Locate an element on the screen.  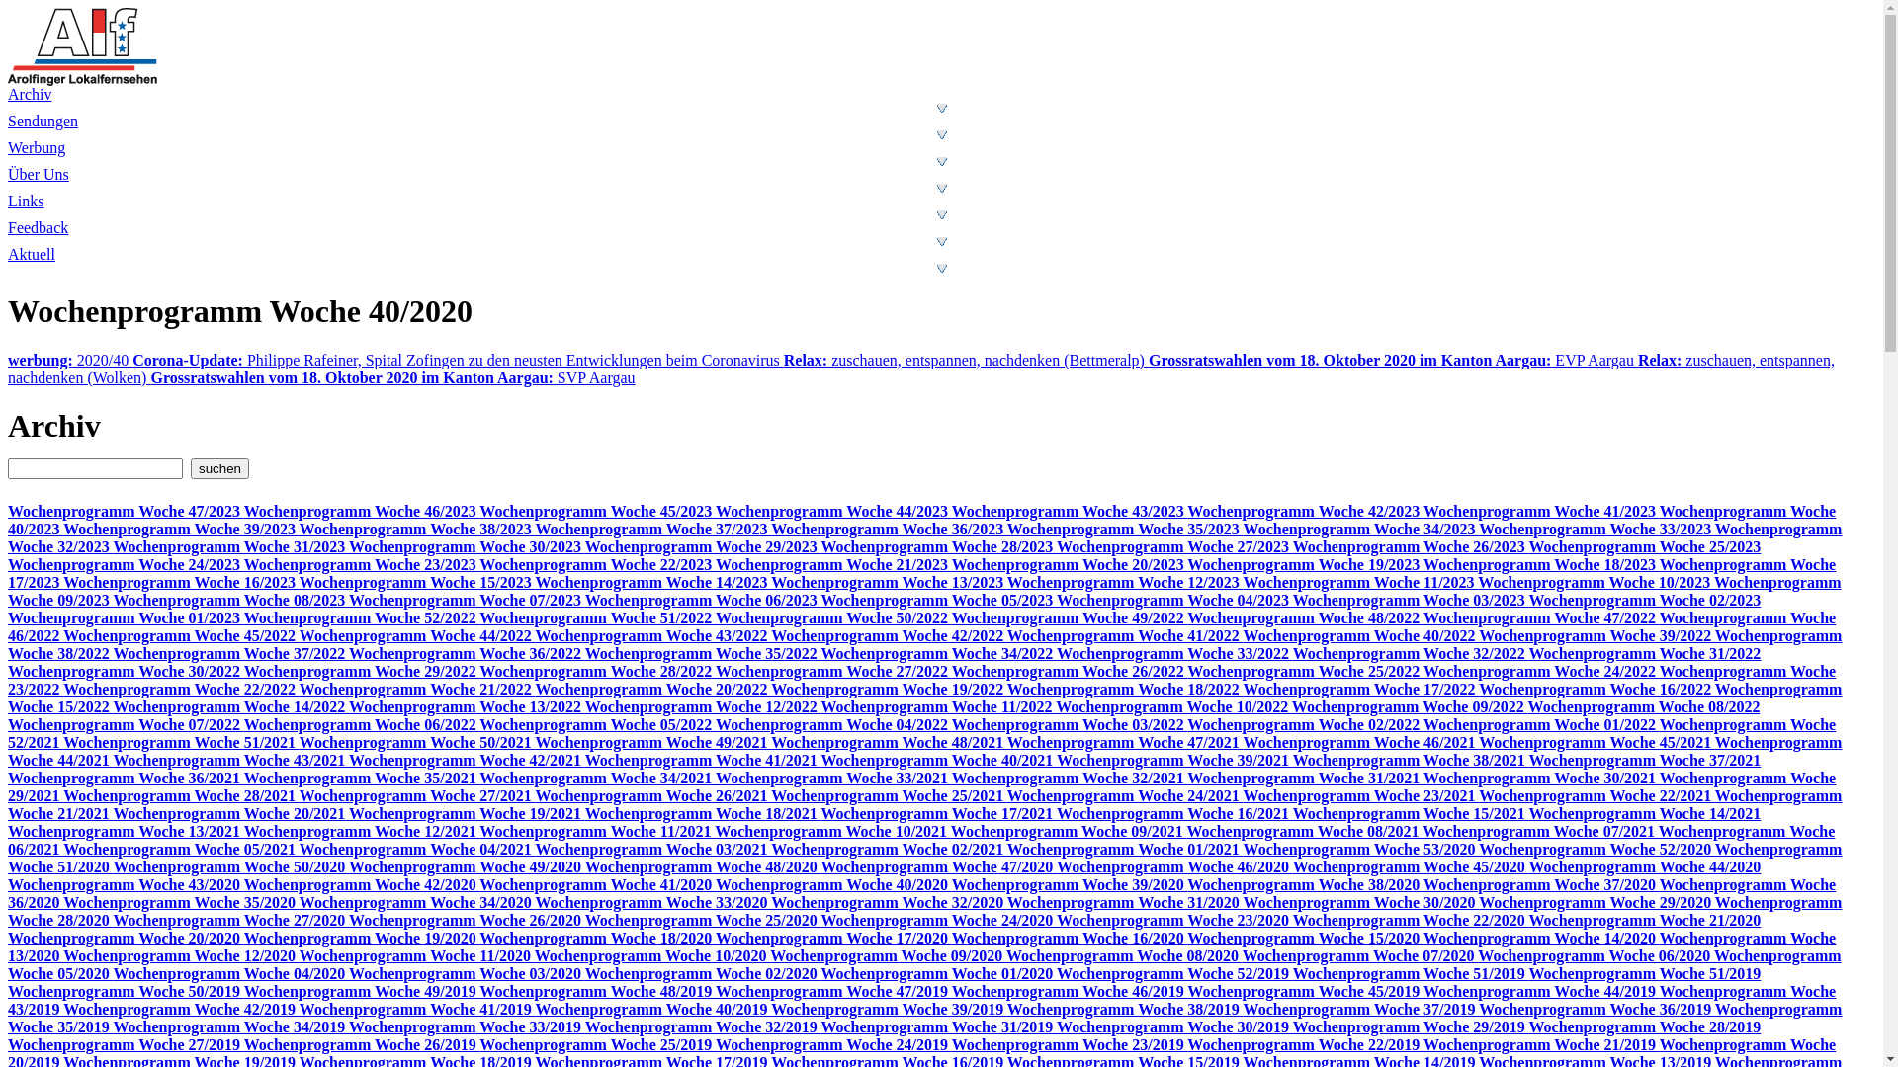
'Wochenprogramm Woche 10/2021' is located at coordinates (714, 831).